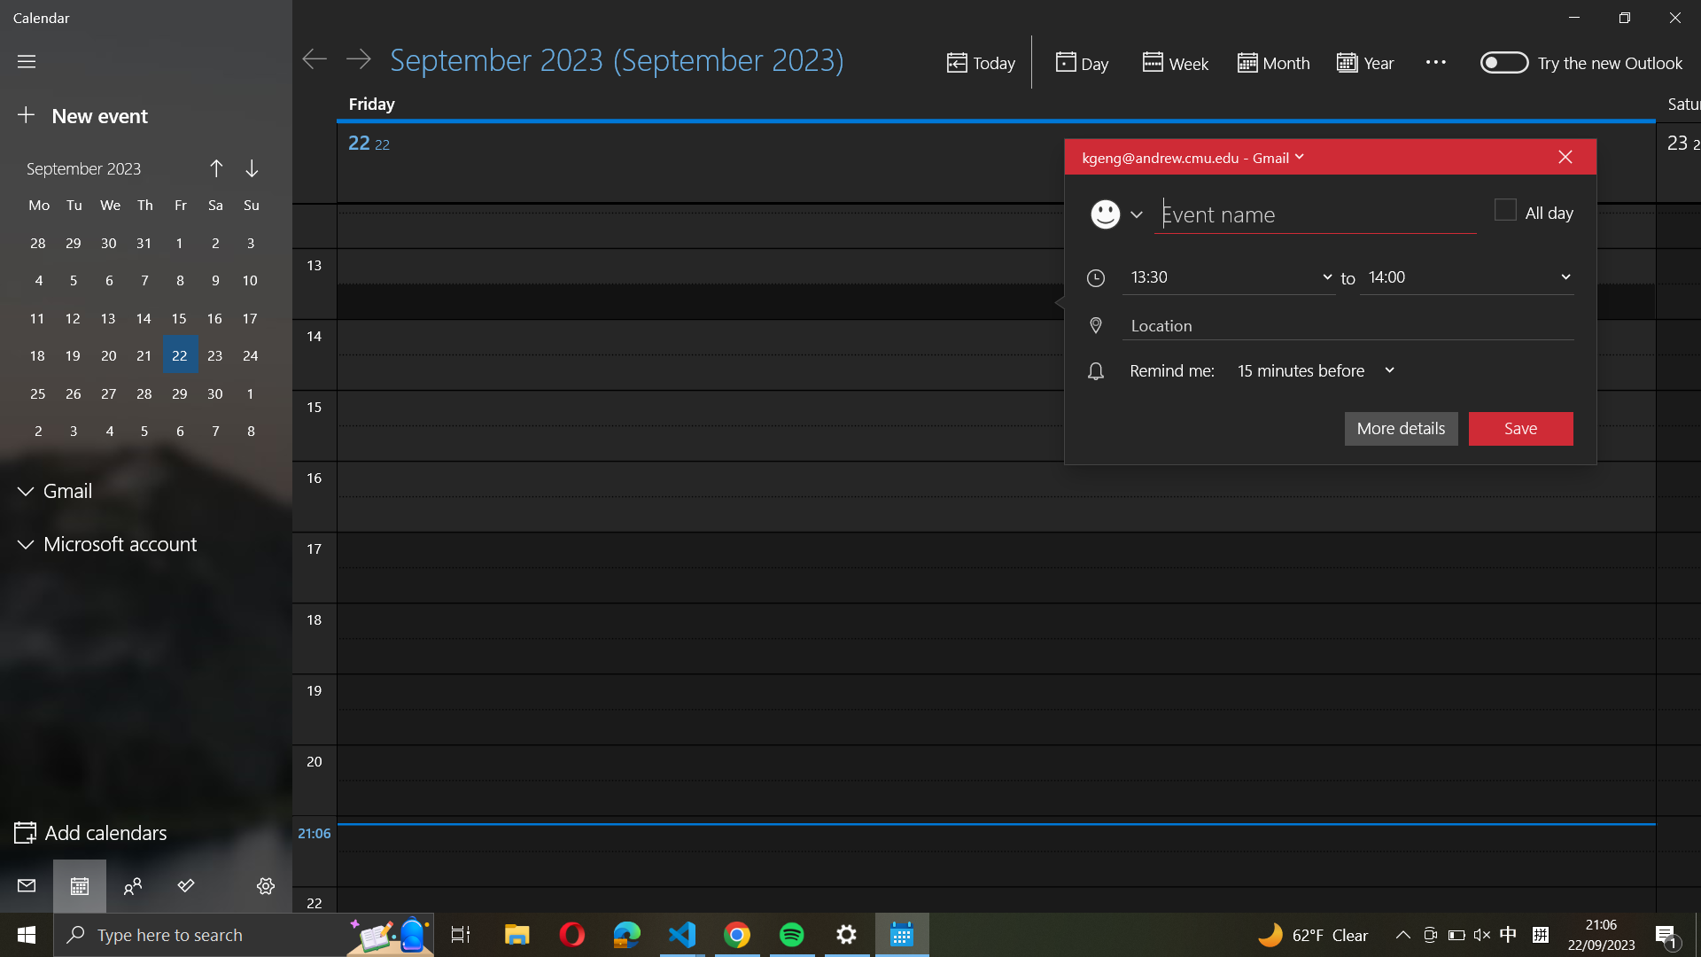 The height and width of the screenshot is (957, 1701). What do you see at coordinates (1191, 156) in the screenshot?
I see `the event account details` at bounding box center [1191, 156].